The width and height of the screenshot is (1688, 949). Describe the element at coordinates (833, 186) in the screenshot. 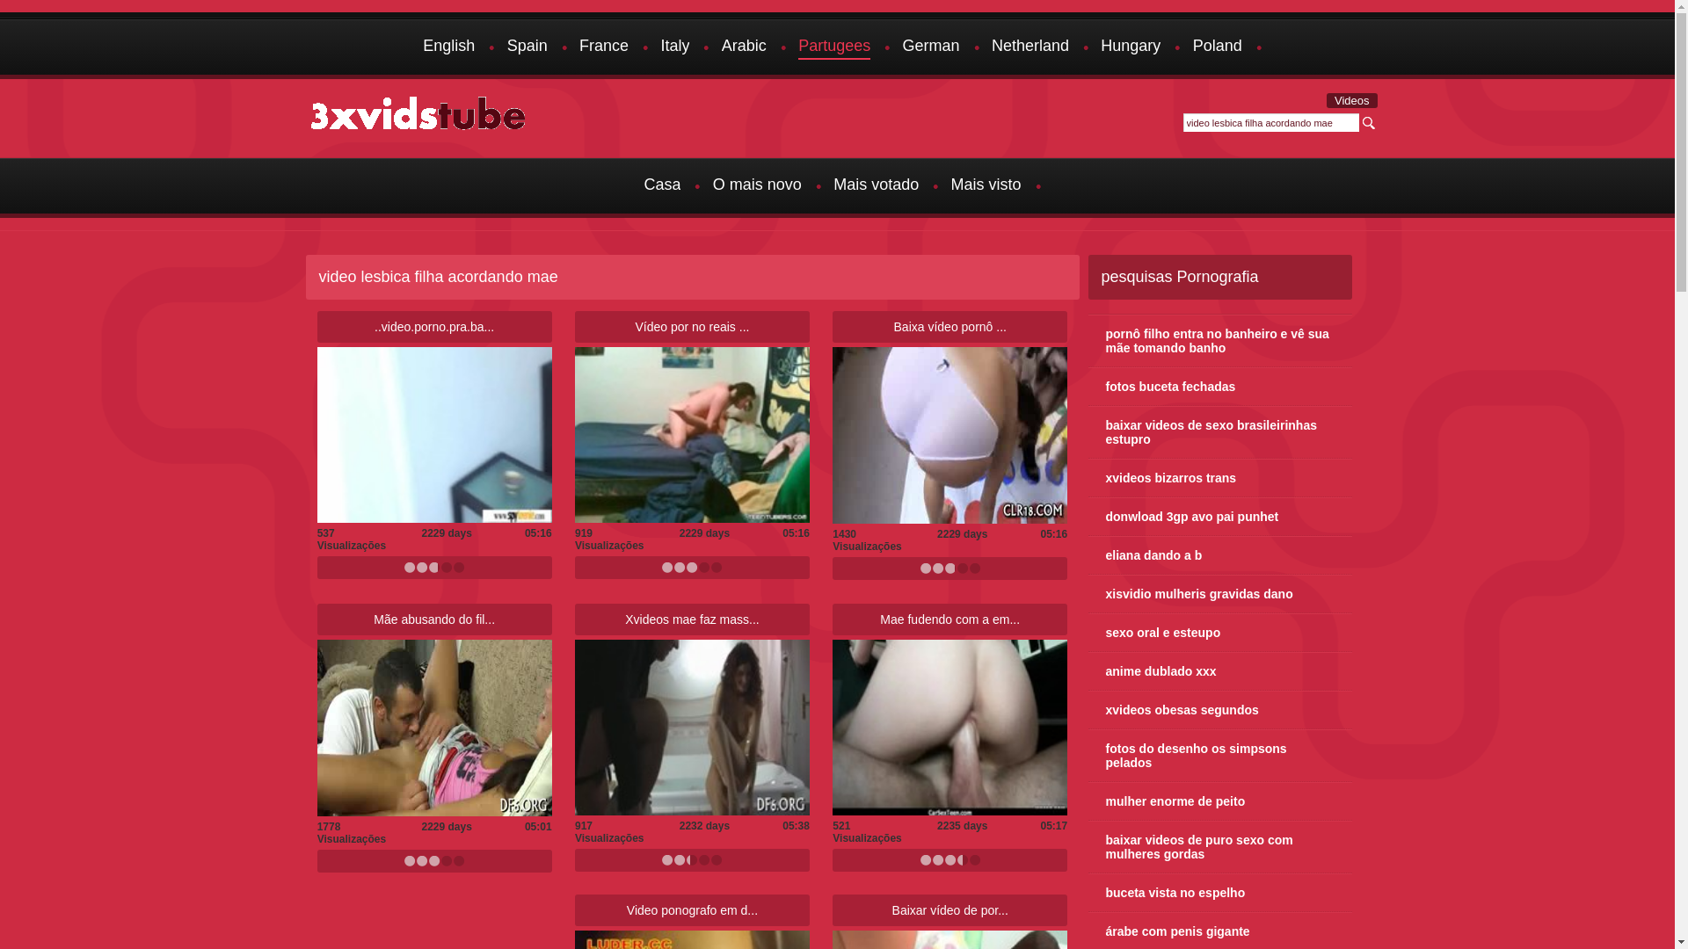

I see `'Mais votado'` at that location.